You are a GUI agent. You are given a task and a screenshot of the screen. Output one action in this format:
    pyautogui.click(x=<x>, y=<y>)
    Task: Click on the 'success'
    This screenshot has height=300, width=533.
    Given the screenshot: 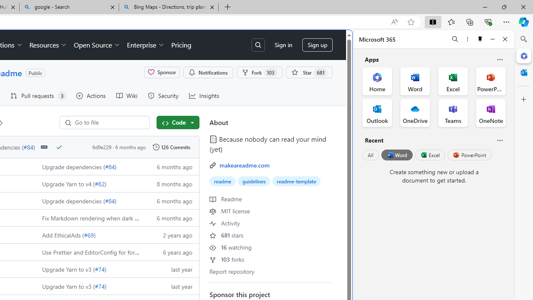 What is the action you would take?
    pyautogui.click(x=59, y=147)
    